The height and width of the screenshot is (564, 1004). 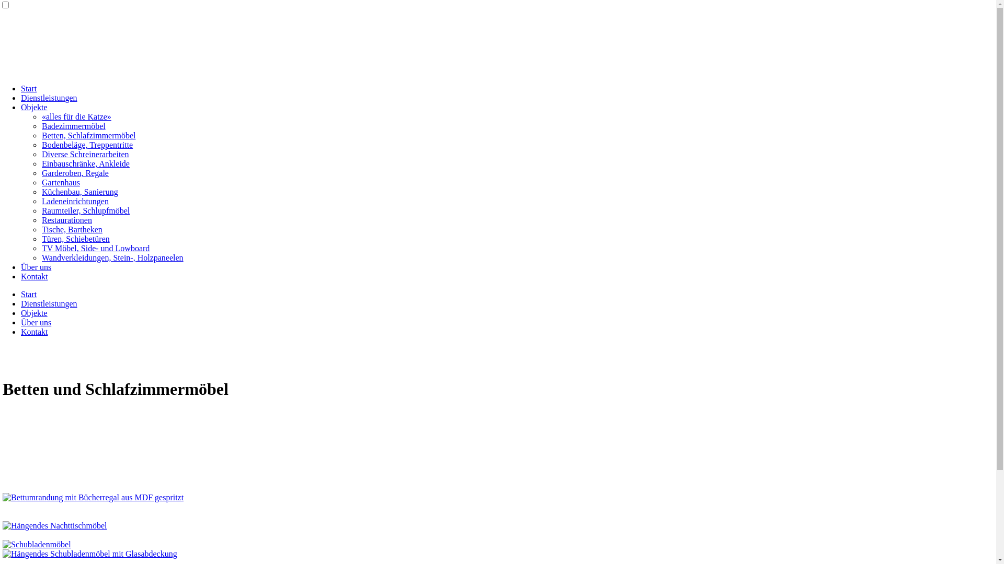 I want to click on 'Garderoben, Regale', so click(x=42, y=172).